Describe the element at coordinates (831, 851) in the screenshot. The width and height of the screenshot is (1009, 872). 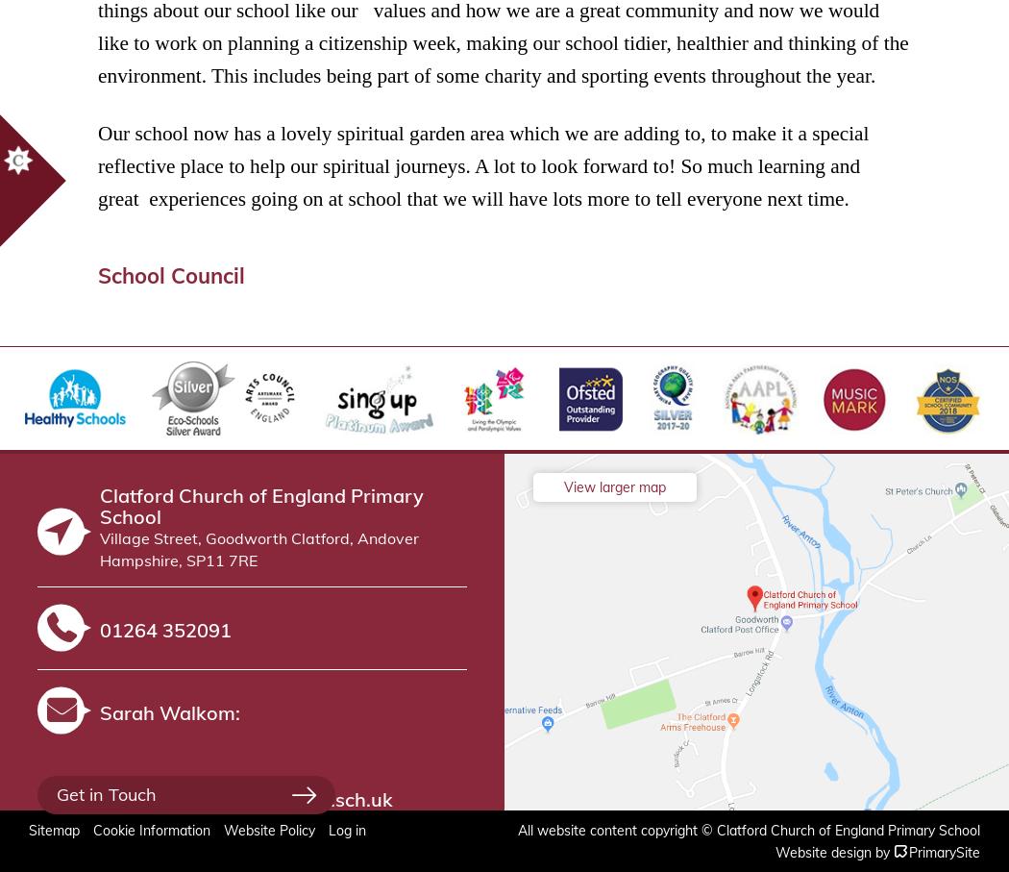
I see `'Website design by'` at that location.